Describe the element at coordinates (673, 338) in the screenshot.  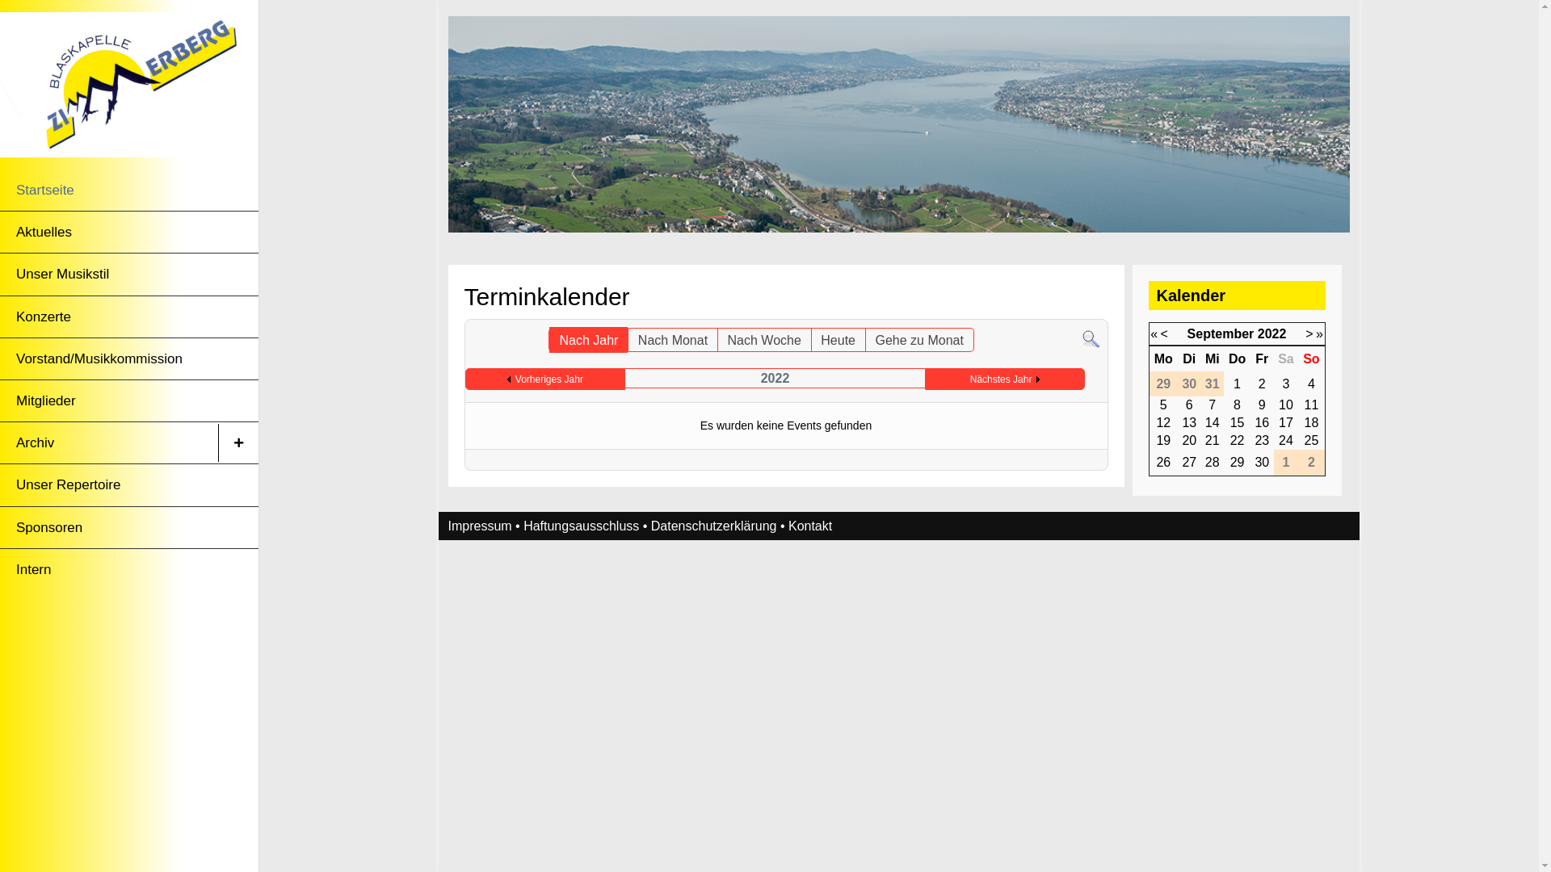
I see `'Nach Monat'` at that location.